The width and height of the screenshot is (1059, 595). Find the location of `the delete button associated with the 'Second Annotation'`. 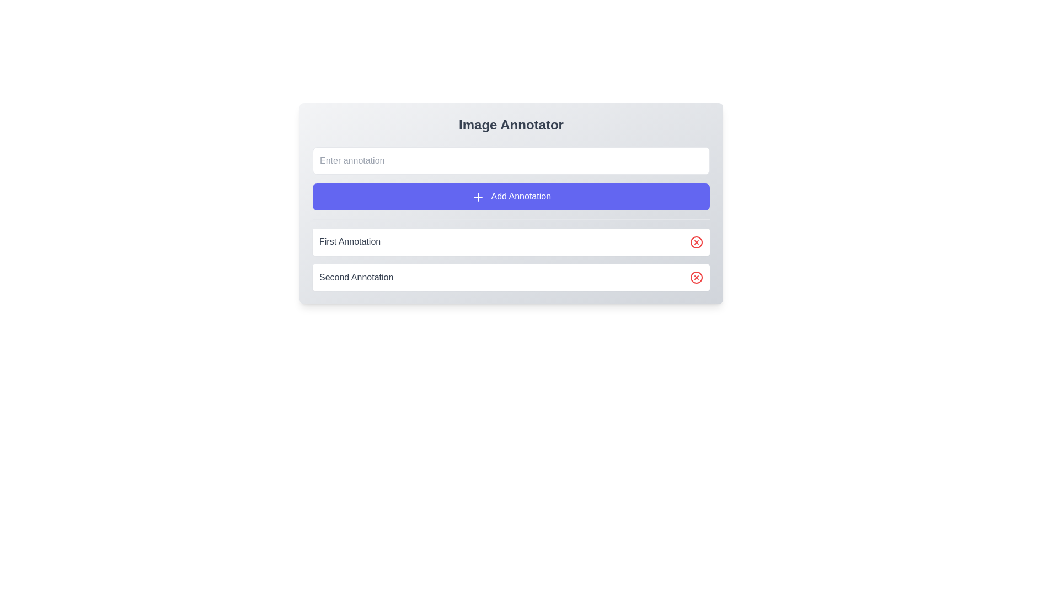

the delete button associated with the 'Second Annotation' is located at coordinates (696, 241).